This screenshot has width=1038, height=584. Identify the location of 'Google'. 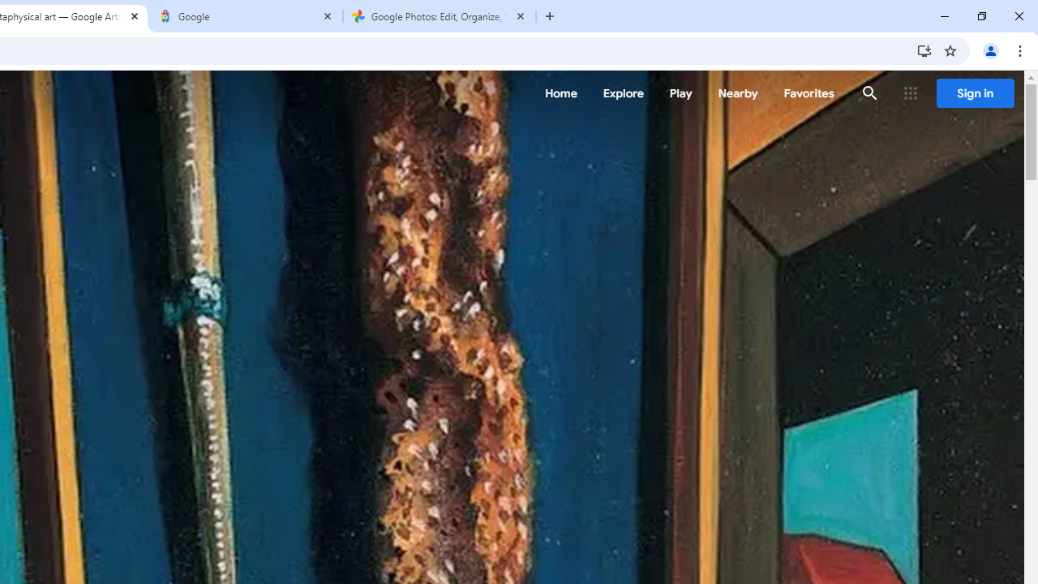
(246, 16).